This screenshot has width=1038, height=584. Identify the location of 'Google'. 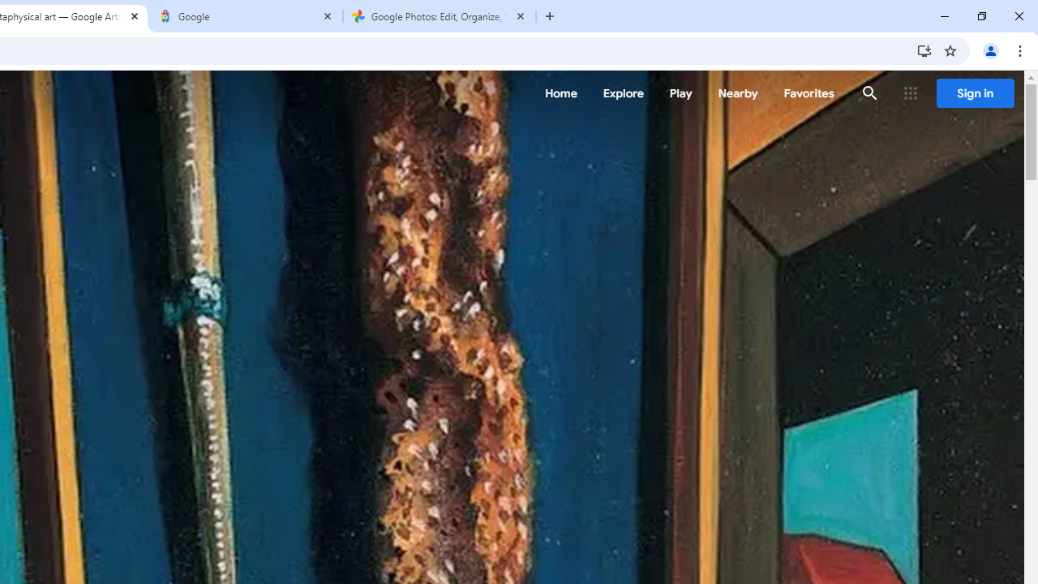
(246, 16).